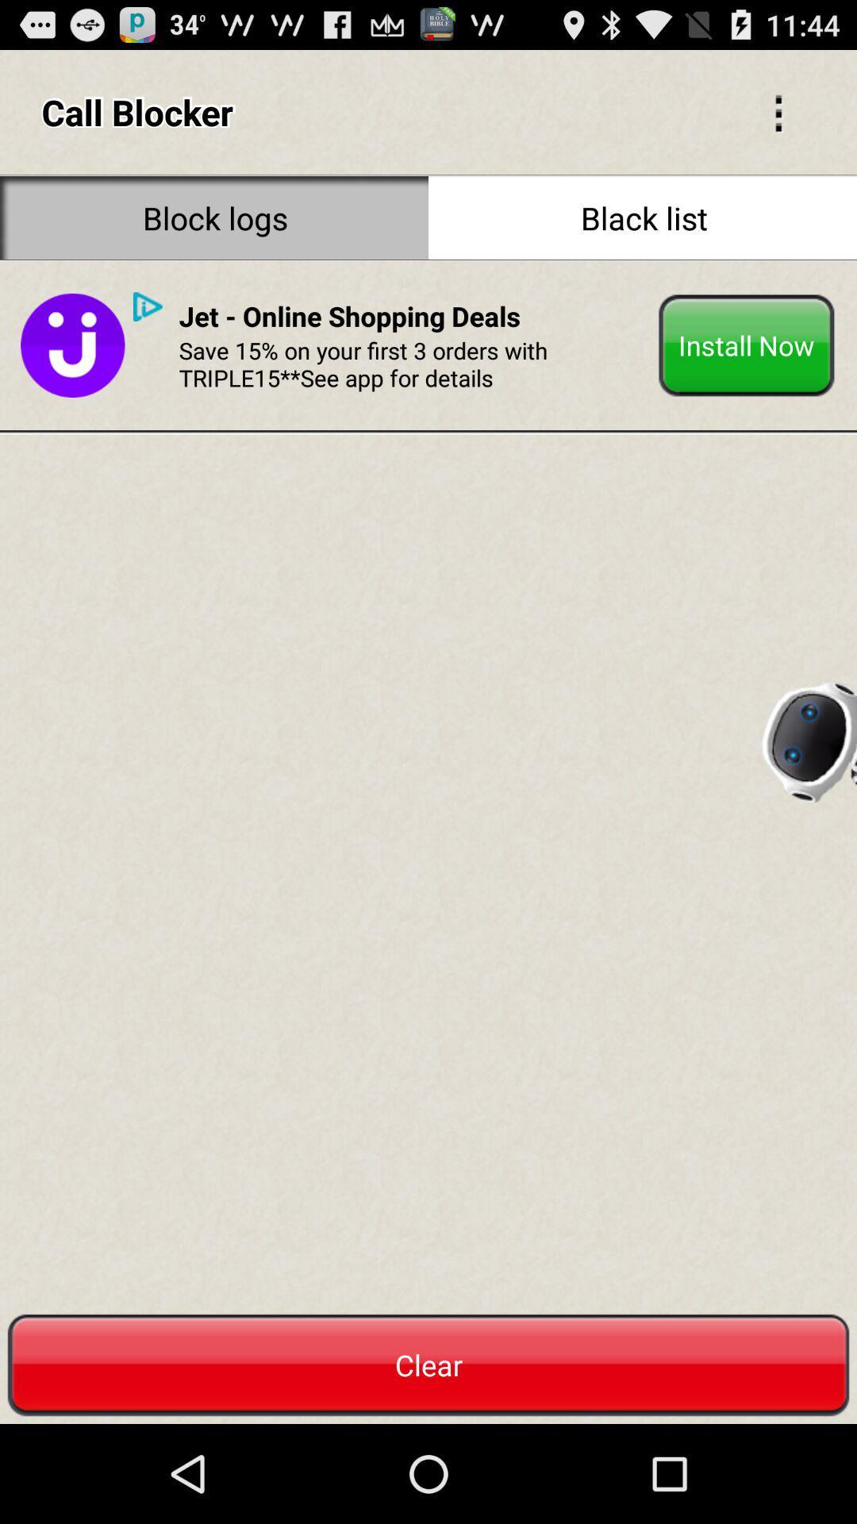  What do you see at coordinates (747, 344) in the screenshot?
I see `install now` at bounding box center [747, 344].